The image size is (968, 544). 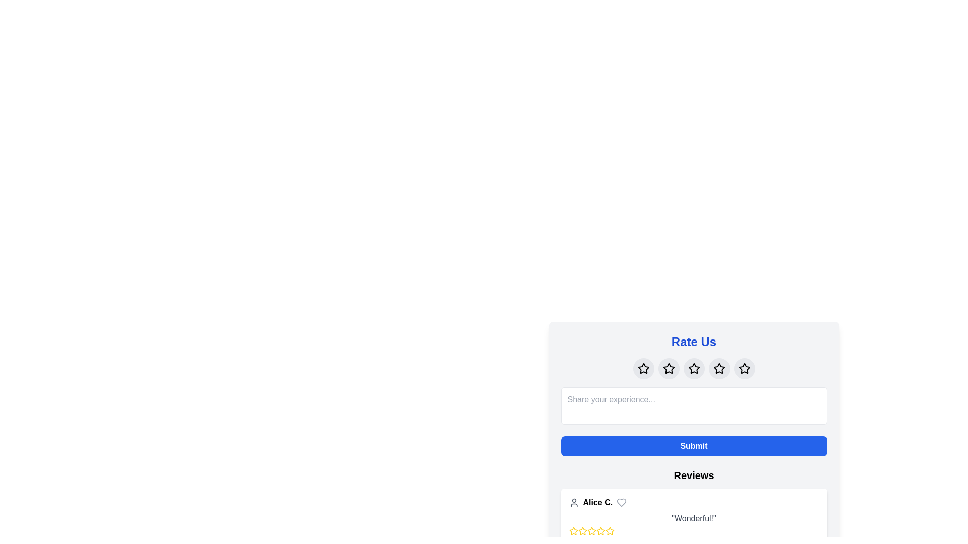 What do you see at coordinates (718, 369) in the screenshot?
I see `the fifth star-shaped icon in the rating section` at bounding box center [718, 369].